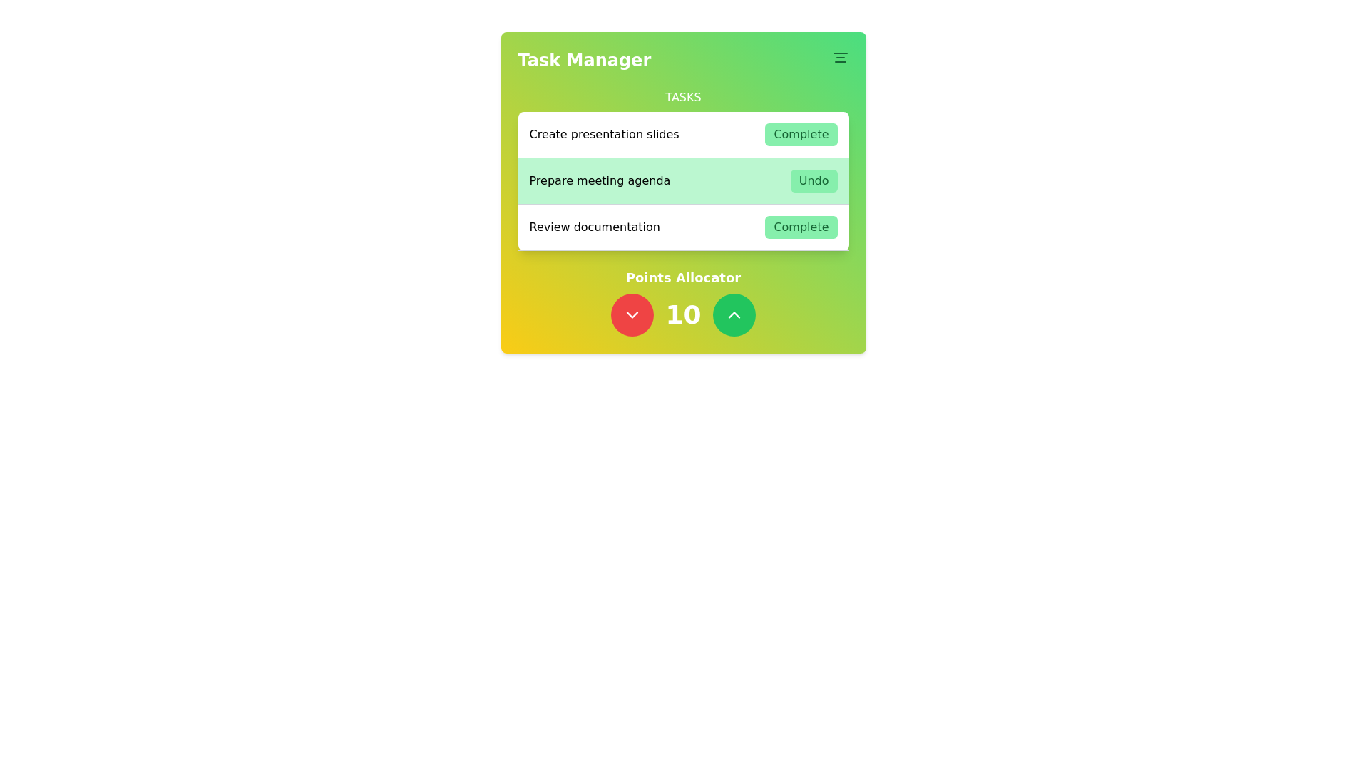  What do you see at coordinates (682, 302) in the screenshot?
I see `displayed number from the interactive control panel located in the lower section of the Task Manager panel, which is the fourth item and includes up and down arrow buttons for points allocation` at bounding box center [682, 302].